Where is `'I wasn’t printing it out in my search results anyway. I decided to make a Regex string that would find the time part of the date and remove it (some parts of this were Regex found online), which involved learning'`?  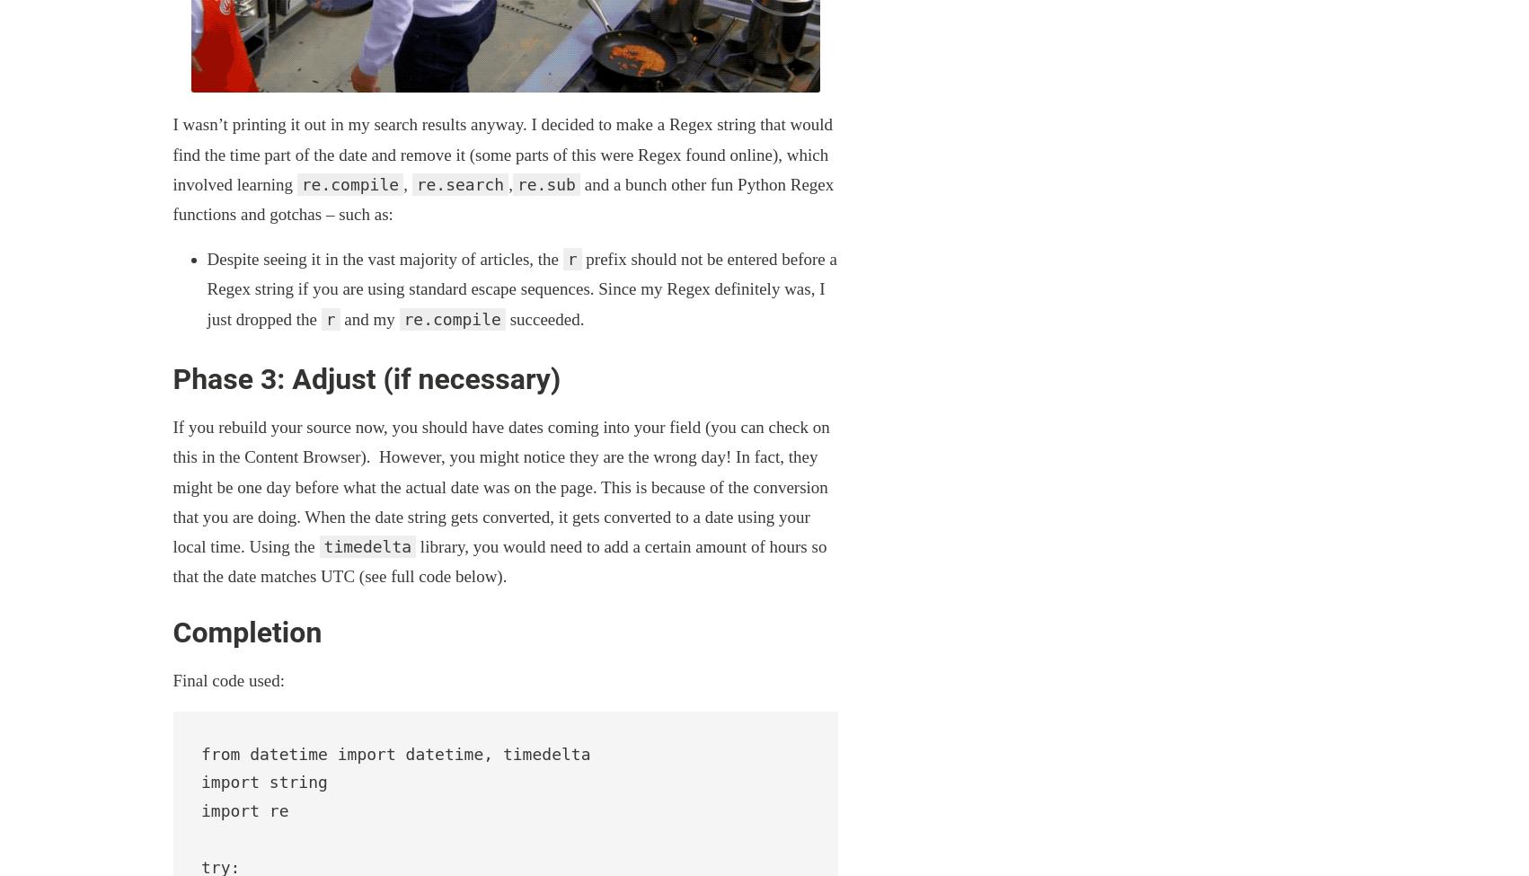 'I wasn’t printing it out in my search results anyway. I decided to make a Regex string that would find the time part of the date and remove it (some parts of this were Regex found online), which involved learning' is located at coordinates (501, 153).